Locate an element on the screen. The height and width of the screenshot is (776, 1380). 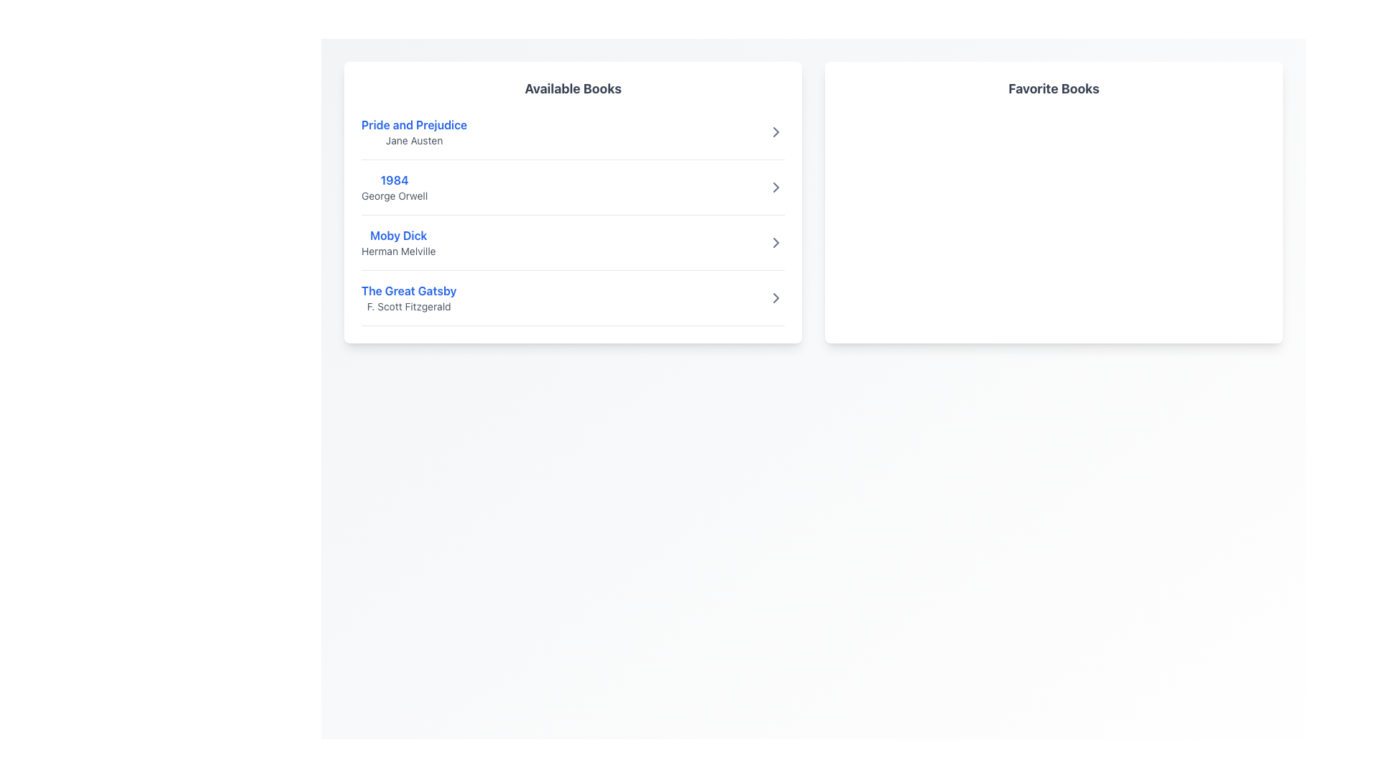
a book row within the 'Available Books' panel is located at coordinates (572, 202).